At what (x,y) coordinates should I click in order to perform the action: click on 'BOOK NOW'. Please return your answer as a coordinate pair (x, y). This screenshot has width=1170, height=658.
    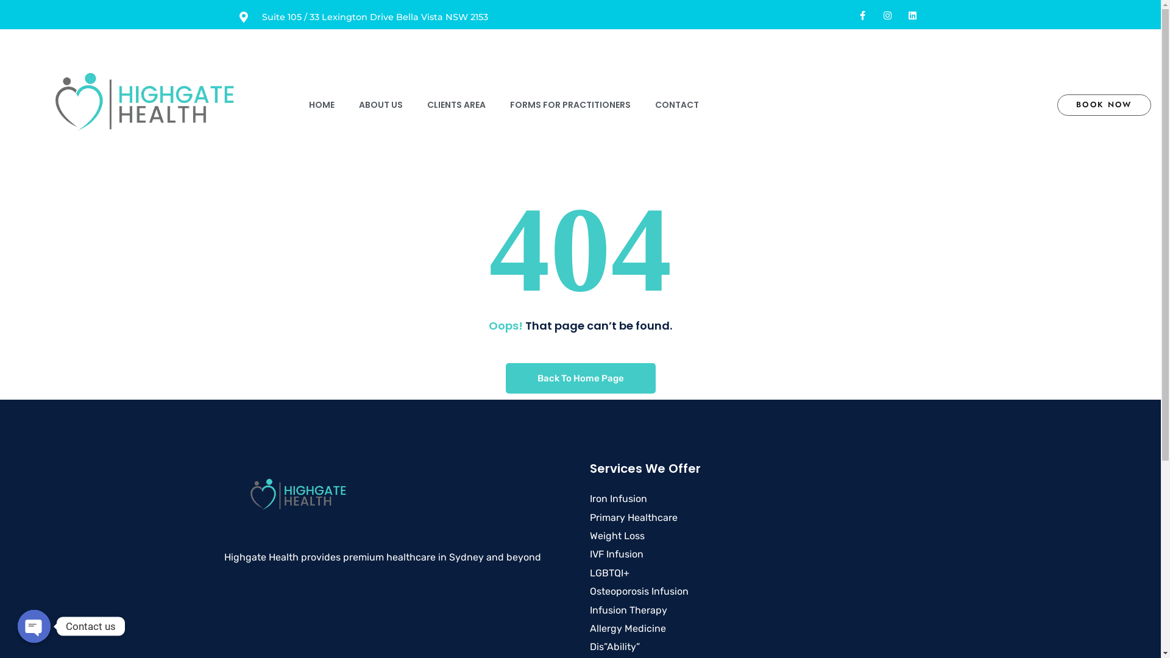
    Looking at the image, I should click on (1104, 104).